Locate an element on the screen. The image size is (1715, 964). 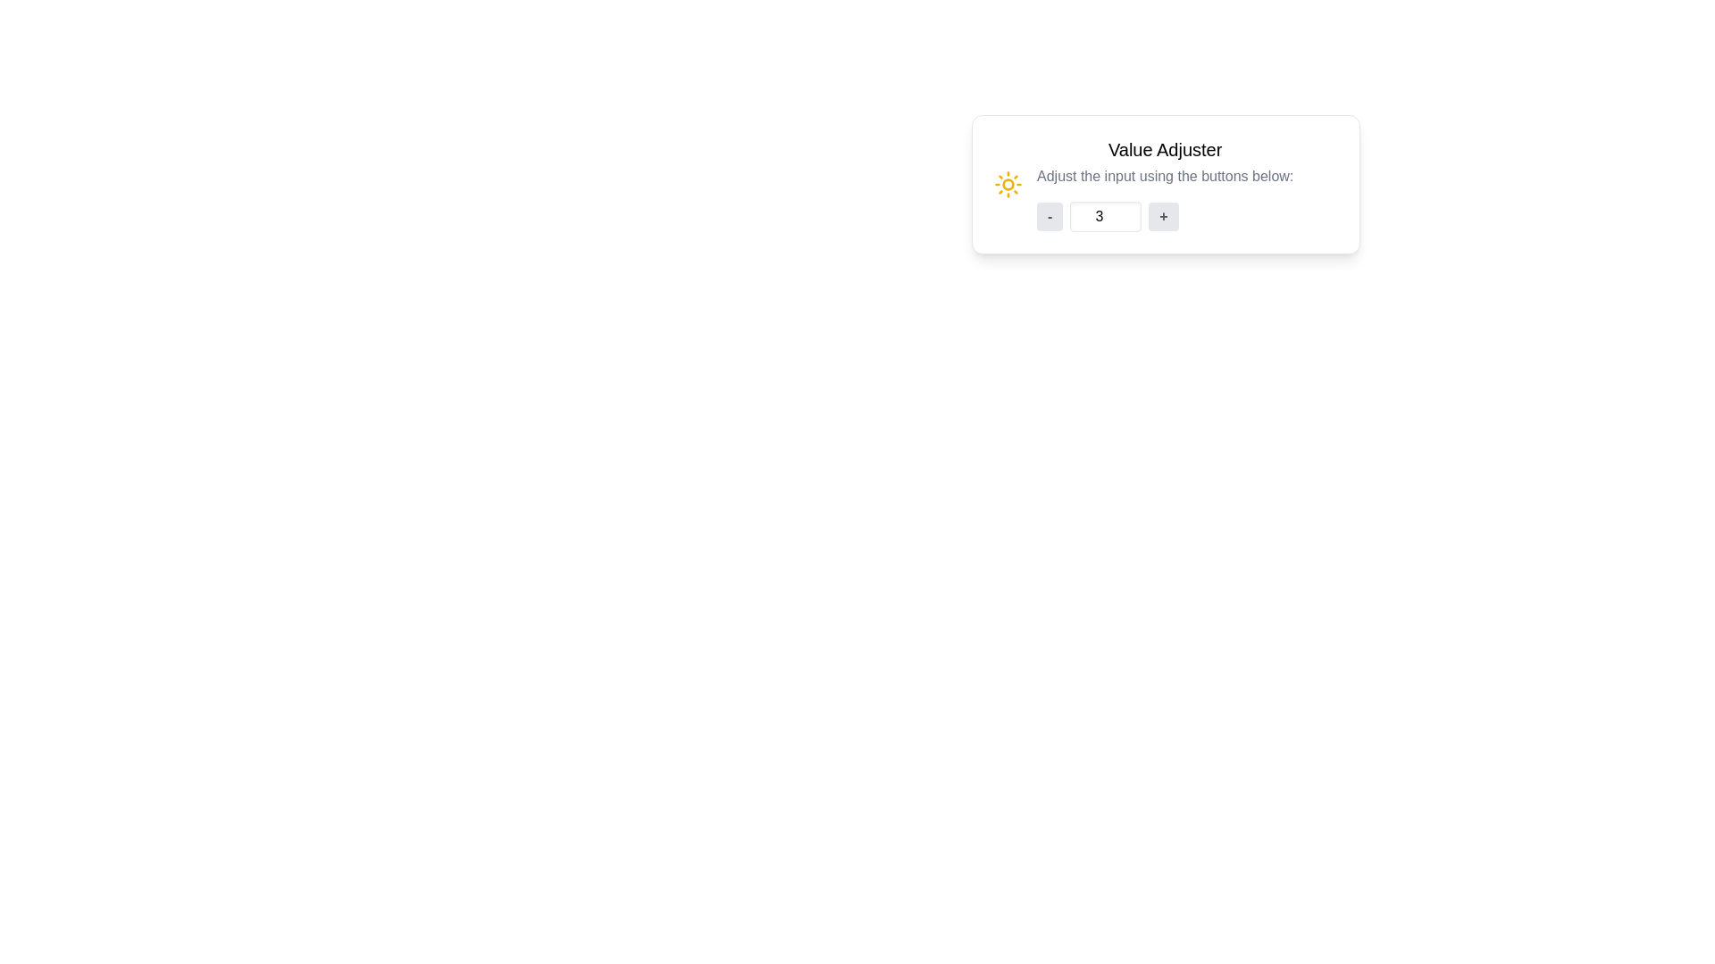
the stylized sun icon located at the top-left corner of the 'Value Adjuster' box is located at coordinates (1008, 185).